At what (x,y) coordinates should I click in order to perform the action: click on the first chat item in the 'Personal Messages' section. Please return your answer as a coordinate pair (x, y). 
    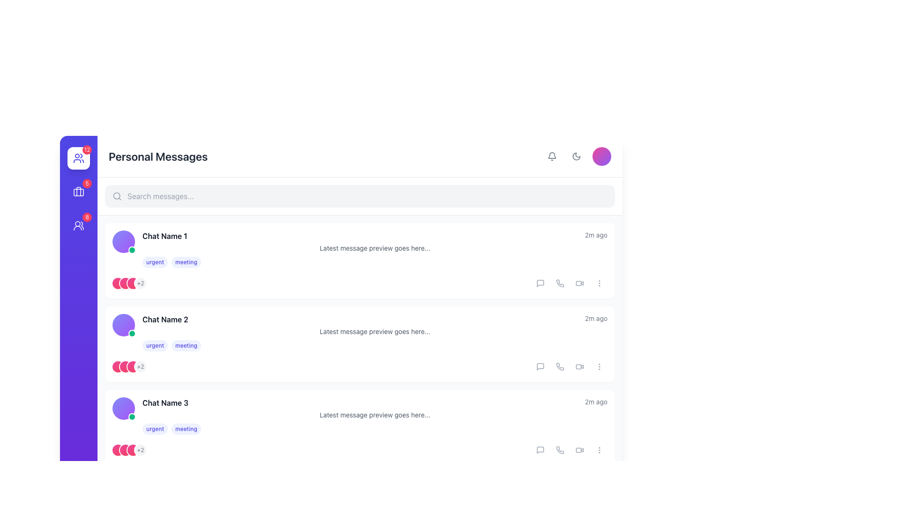
    Looking at the image, I should click on (360, 249).